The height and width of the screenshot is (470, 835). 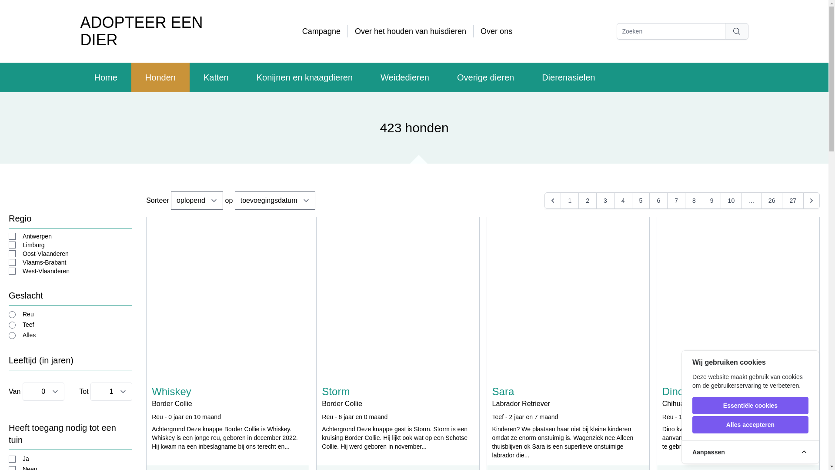 What do you see at coordinates (632, 201) in the screenshot?
I see `'5'` at bounding box center [632, 201].